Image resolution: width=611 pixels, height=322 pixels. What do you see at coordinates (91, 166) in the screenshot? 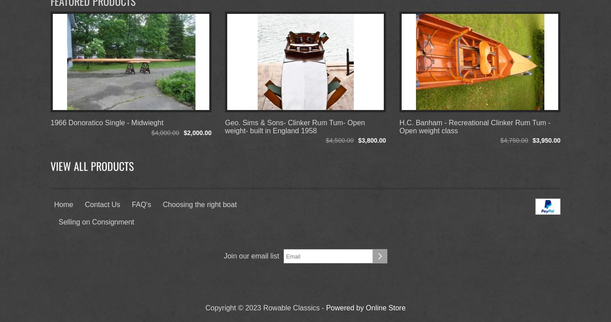
I see `'View All Products'` at bounding box center [91, 166].